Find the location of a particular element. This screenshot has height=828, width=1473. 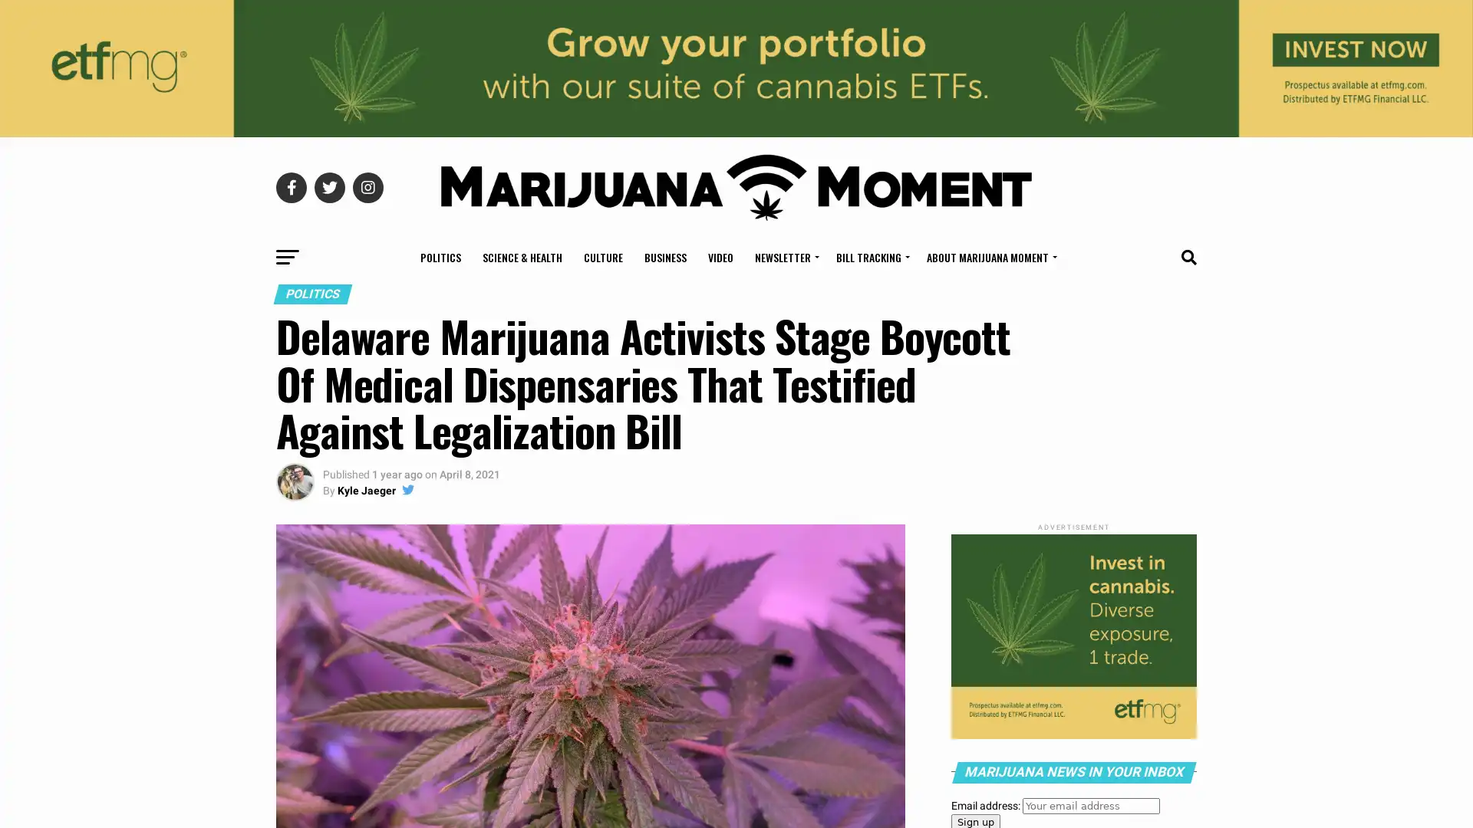

Sign up is located at coordinates (651, 436).